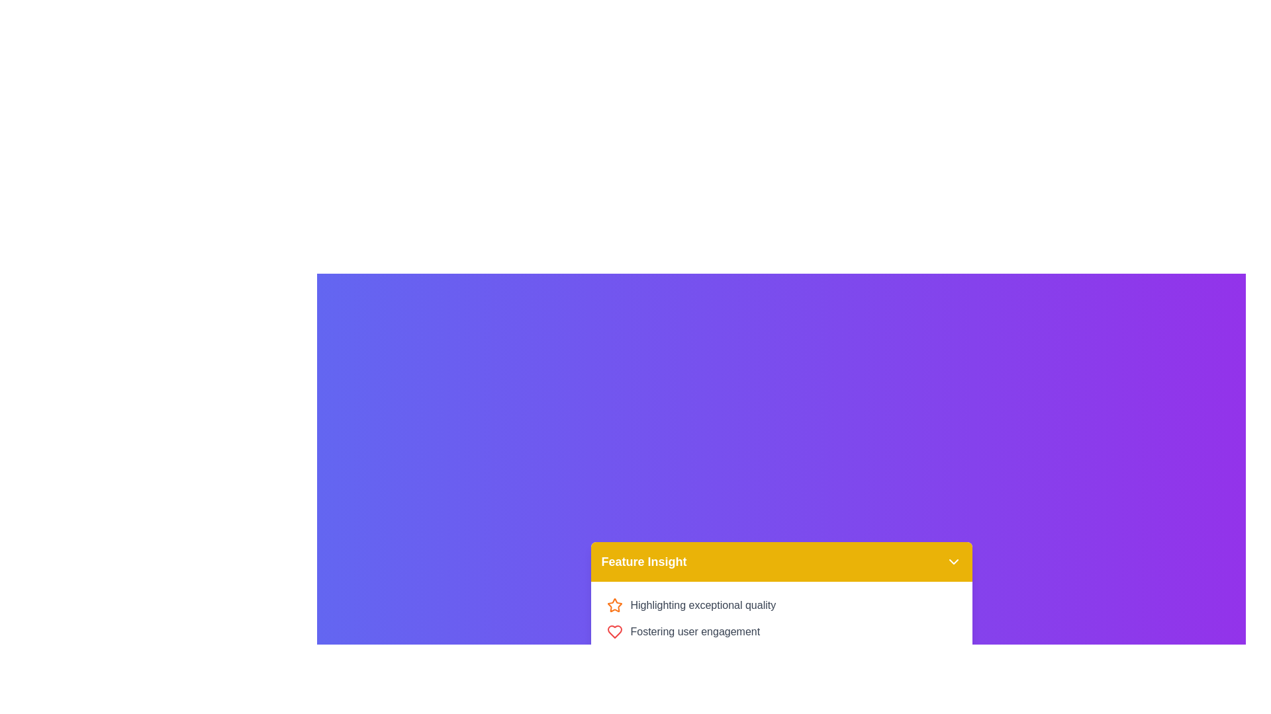 This screenshot has width=1271, height=714. I want to click on the descriptive text label located at the bottom-center of the interface, which follows the orange star icon, so click(702, 605).